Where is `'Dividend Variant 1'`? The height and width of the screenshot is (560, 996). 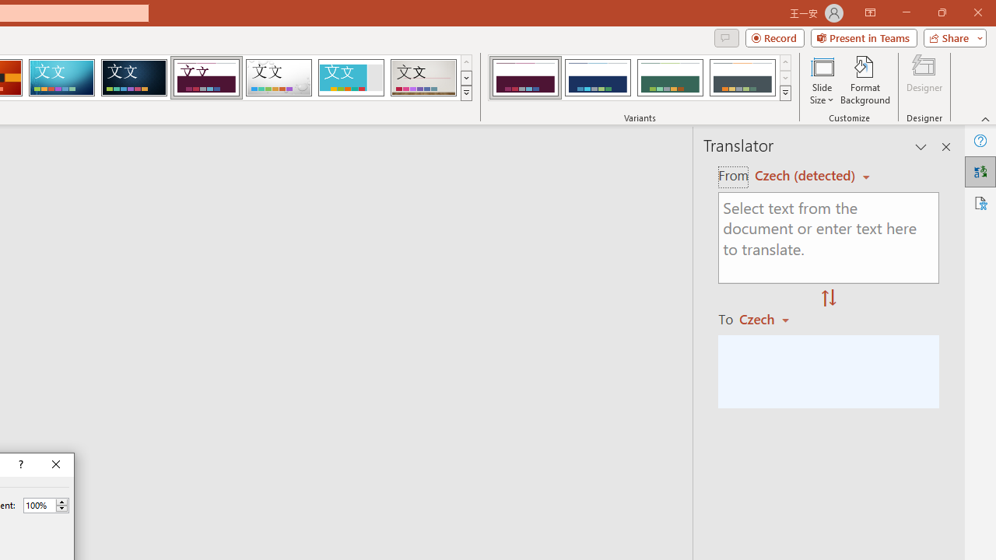 'Dividend Variant 1' is located at coordinates (525, 78).